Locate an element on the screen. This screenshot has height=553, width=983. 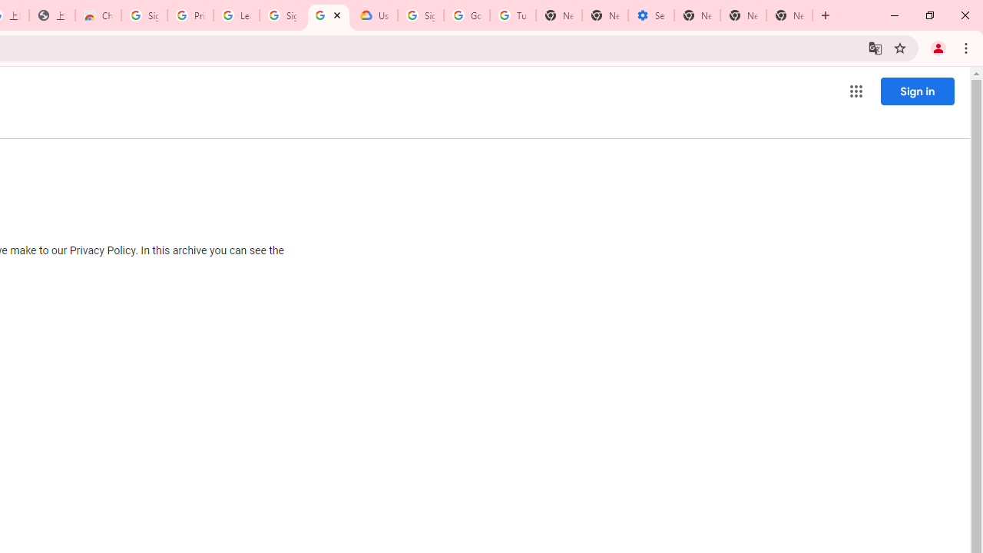
'Sign in - Google Accounts' is located at coordinates (144, 15).